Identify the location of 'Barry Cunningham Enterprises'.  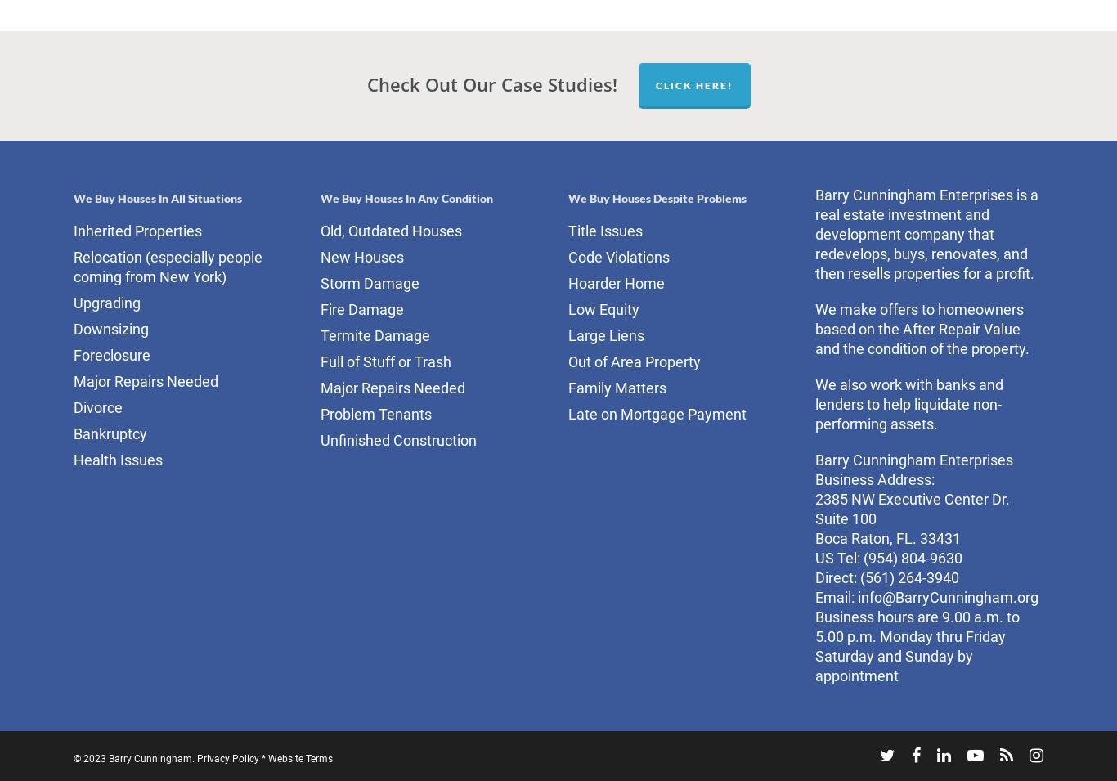
(913, 459).